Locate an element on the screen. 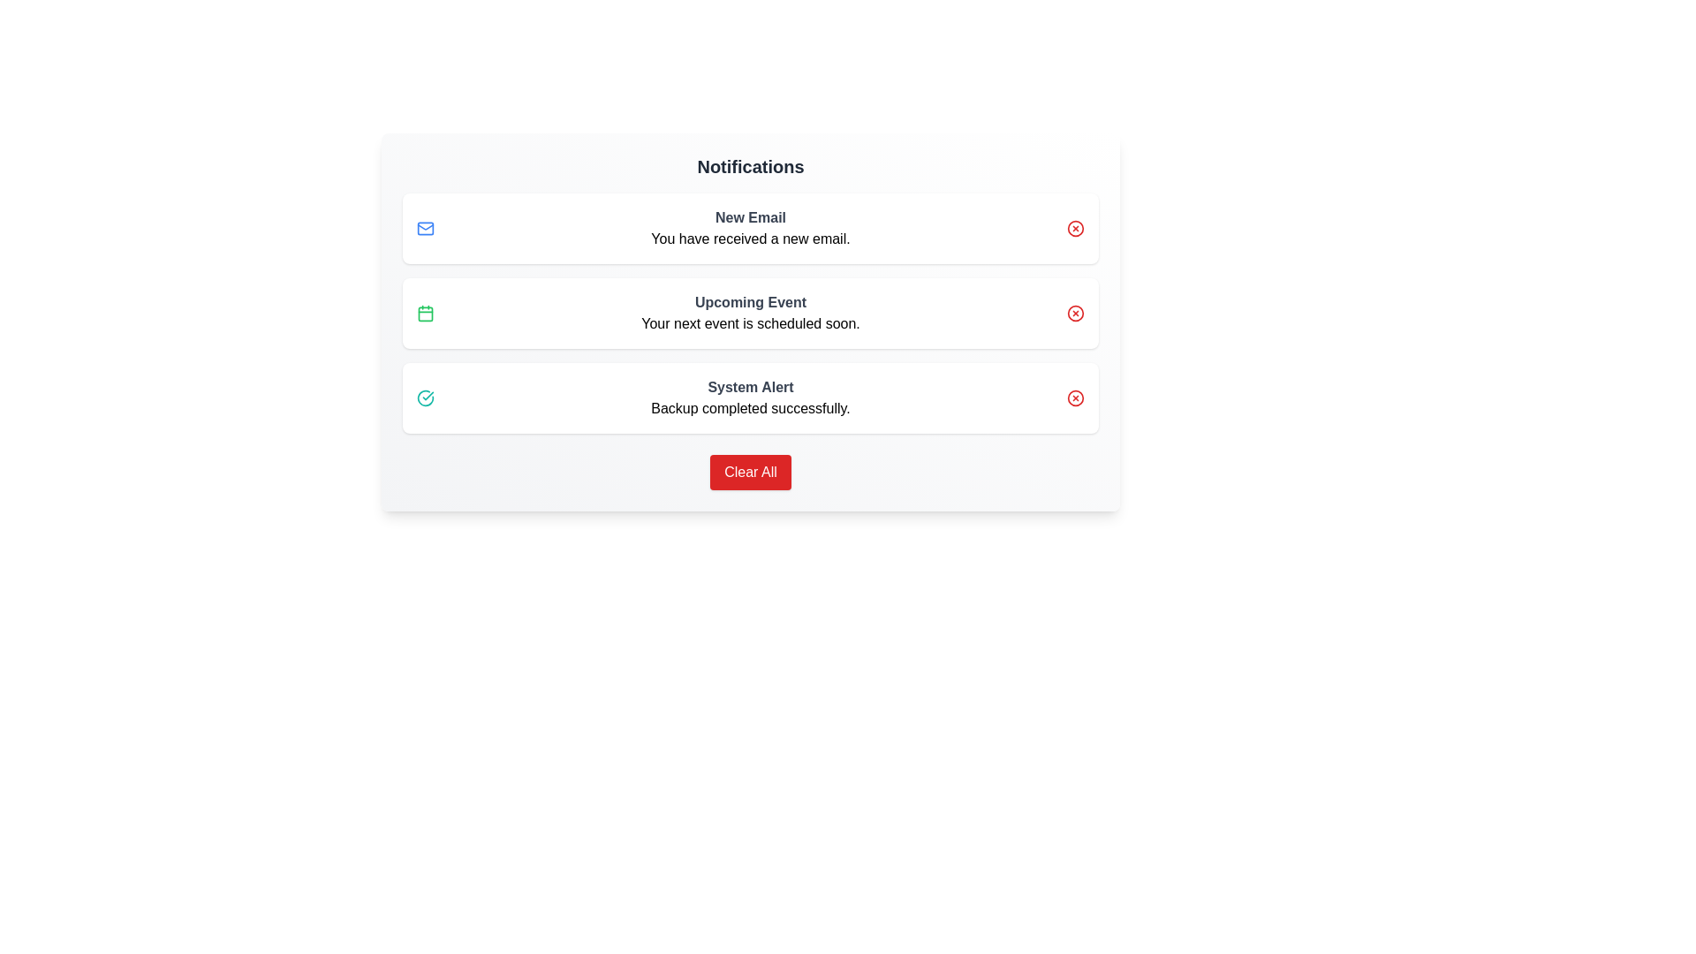 The width and height of the screenshot is (1696, 954). the text label displaying the message 'Backup completed successfully.' which is located in the 'System Alert' notification, positioned below the header text is located at coordinates (750, 408).